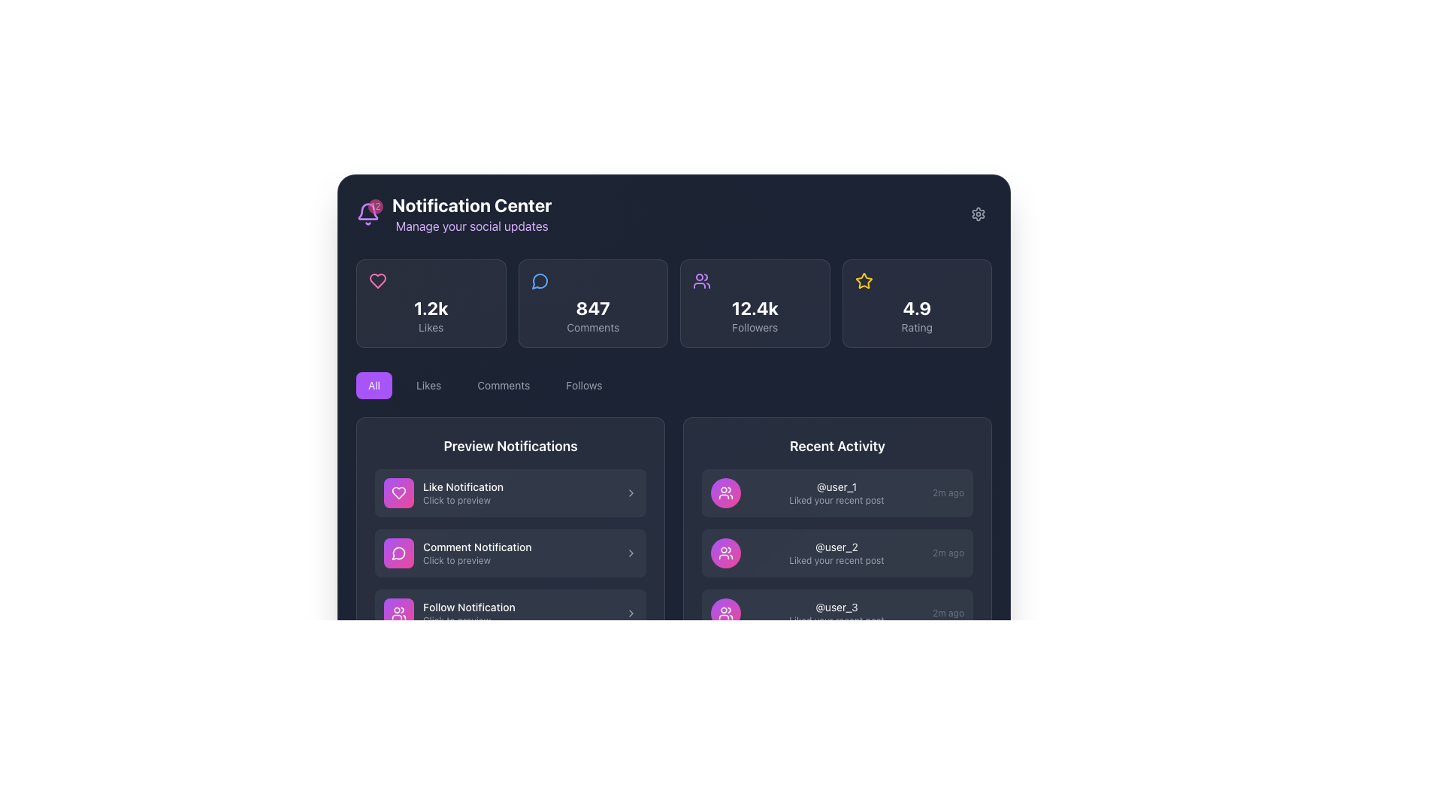  Describe the element at coordinates (725, 492) in the screenshot. I see `the circular icon with a gradient background and a white user group icon located in the 'Recent Activity' section, next to the text '@user_1 Liked your recent post 2m ago'` at that location.